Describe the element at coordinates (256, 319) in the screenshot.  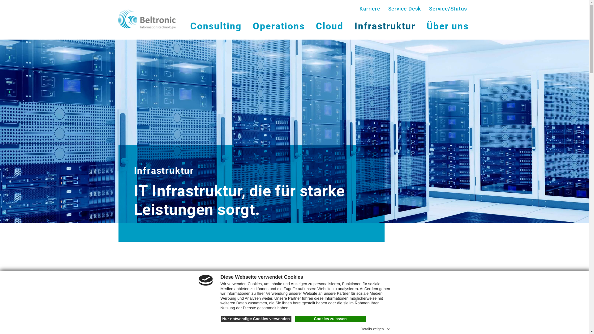
I see `'Nur notwendige Cookies verwenden'` at that location.